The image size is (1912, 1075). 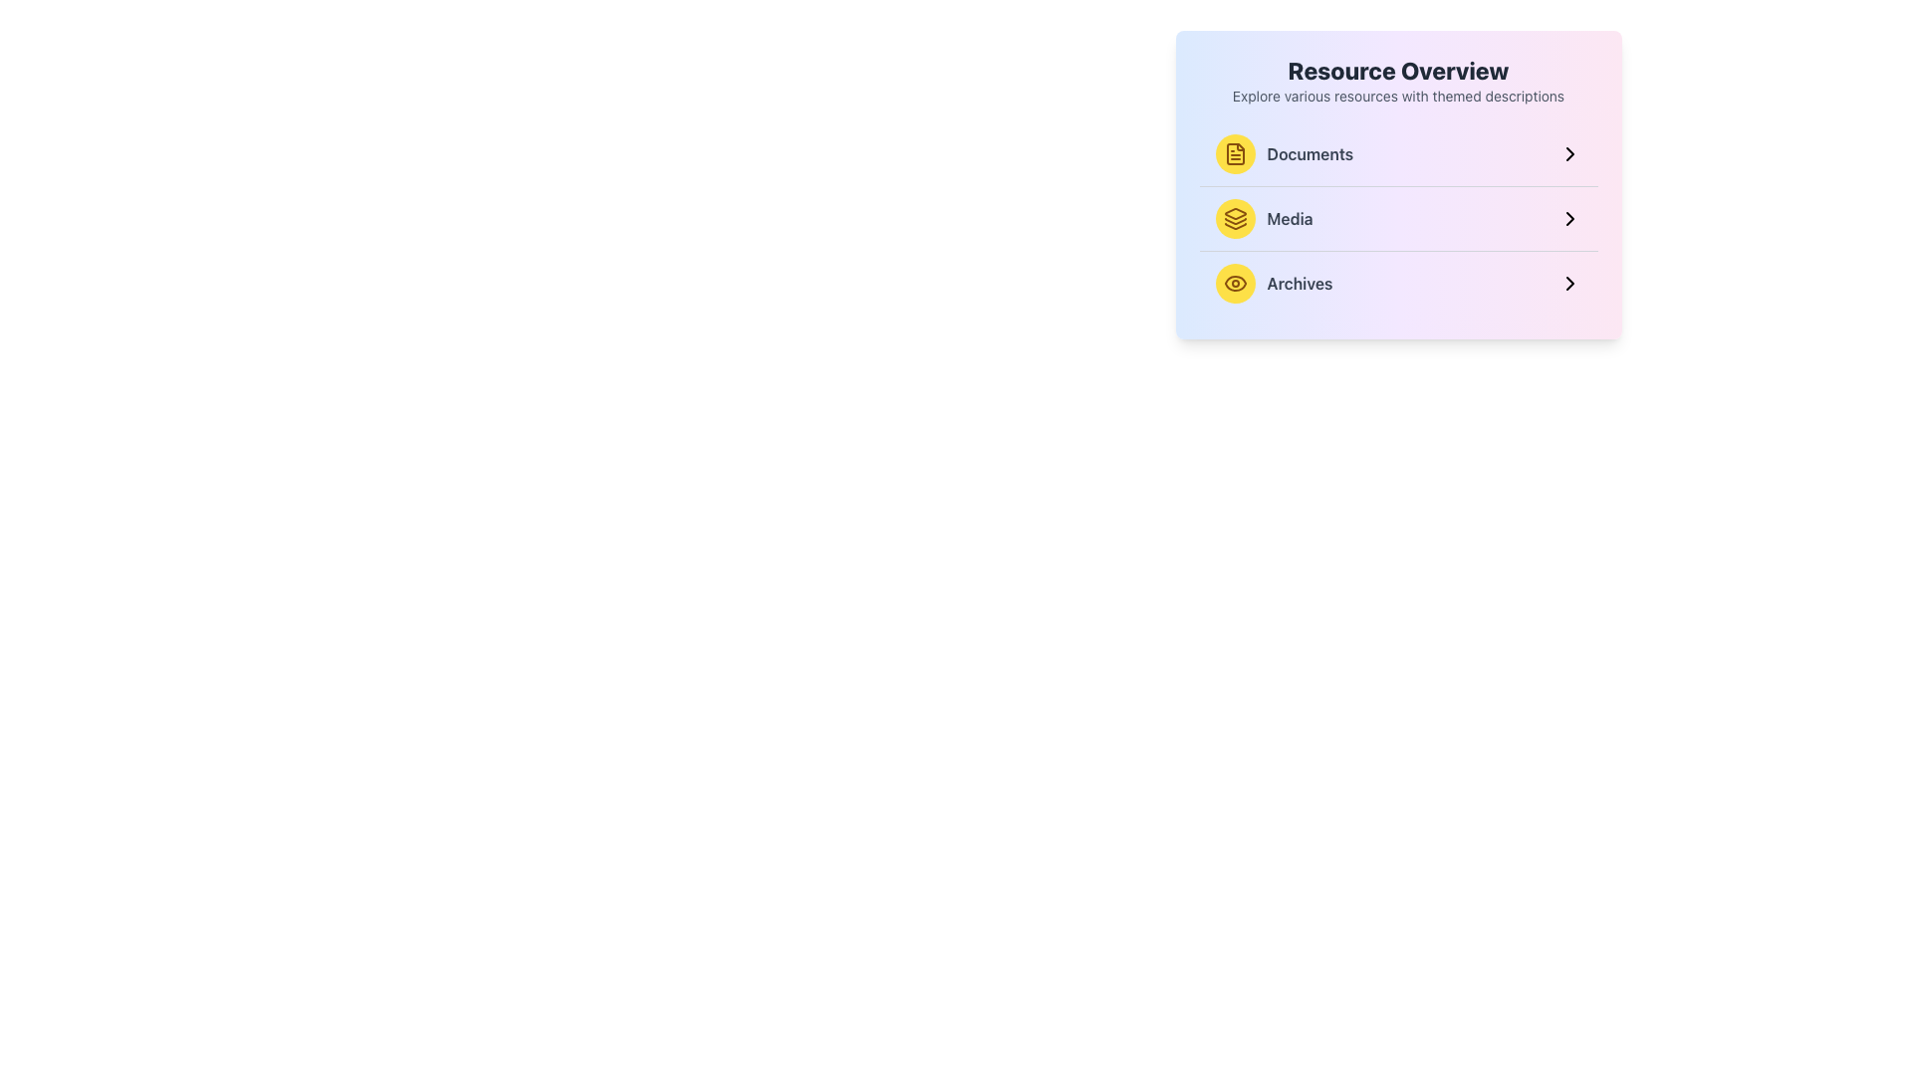 I want to click on the 'Archives' menu item, which is the third item in a vertical list of menu options including 'Documents', 'Media', and 'Archives', so click(x=1397, y=284).